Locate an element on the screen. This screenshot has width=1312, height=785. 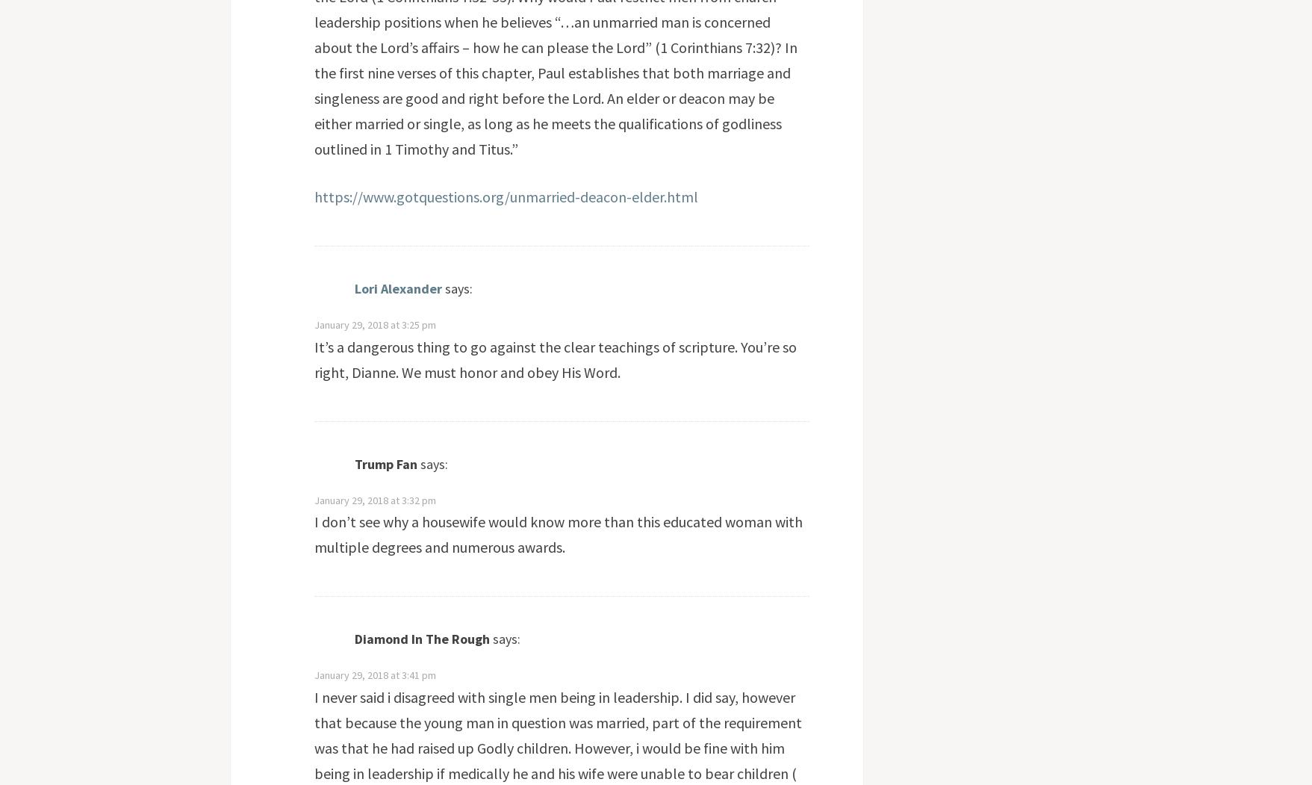
'I don’t see why a housewife would know more than this educated woman with multiple degrees and numerous awards.' is located at coordinates (557, 533).